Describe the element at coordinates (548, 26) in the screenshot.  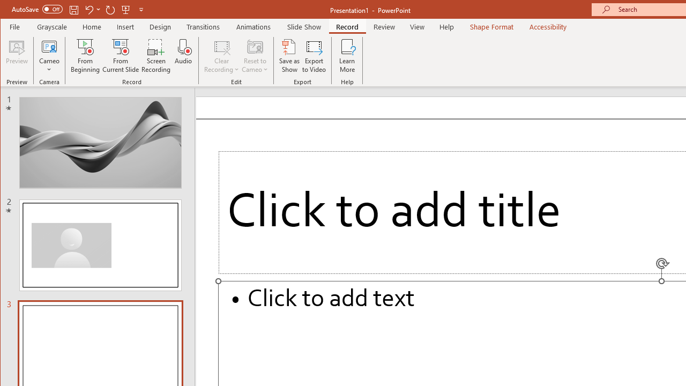
I see `'Accessibility'` at that location.